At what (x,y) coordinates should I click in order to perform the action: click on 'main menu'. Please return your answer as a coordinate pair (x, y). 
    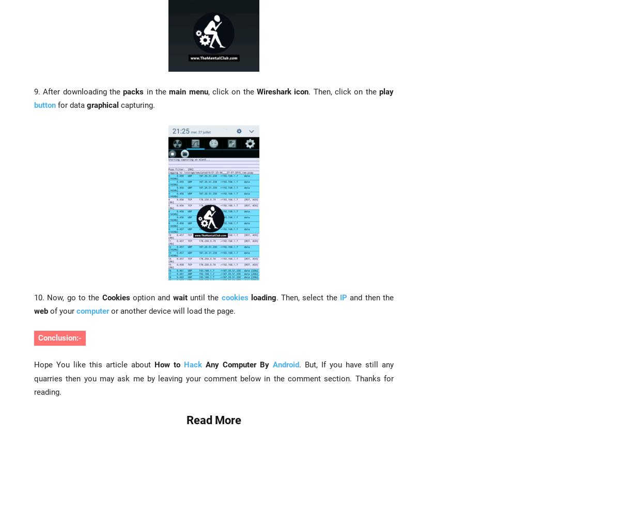
    Looking at the image, I should click on (188, 91).